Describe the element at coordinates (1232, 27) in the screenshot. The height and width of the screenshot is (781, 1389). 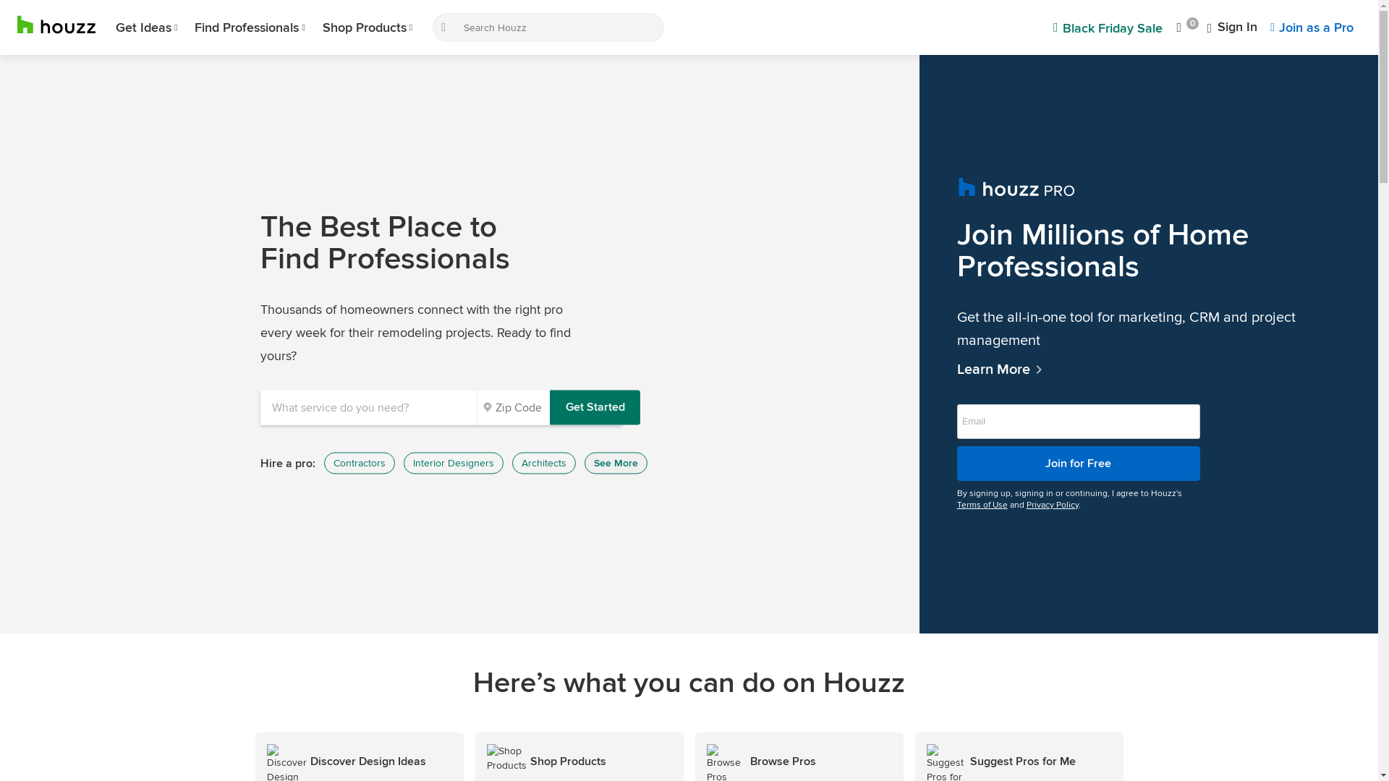
I see `'Sign In'` at that location.